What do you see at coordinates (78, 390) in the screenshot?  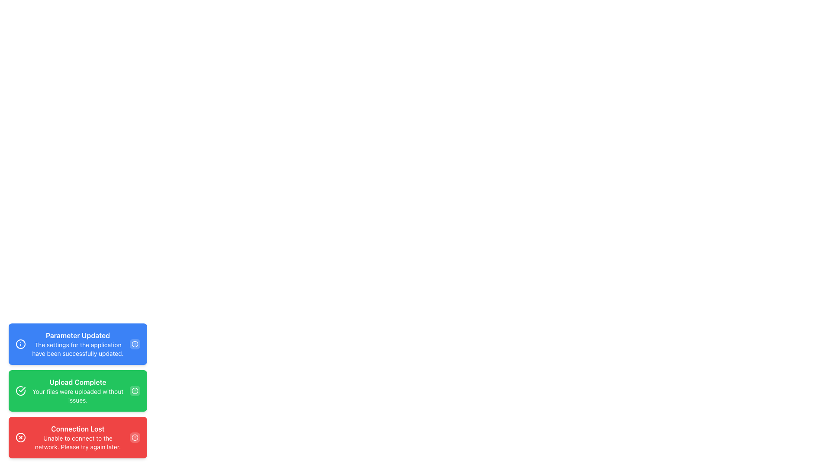 I see `the text block that displays 'Upload Complete' in bold above 'Your files were uploaded without issues.' within a green rectangular background` at bounding box center [78, 390].